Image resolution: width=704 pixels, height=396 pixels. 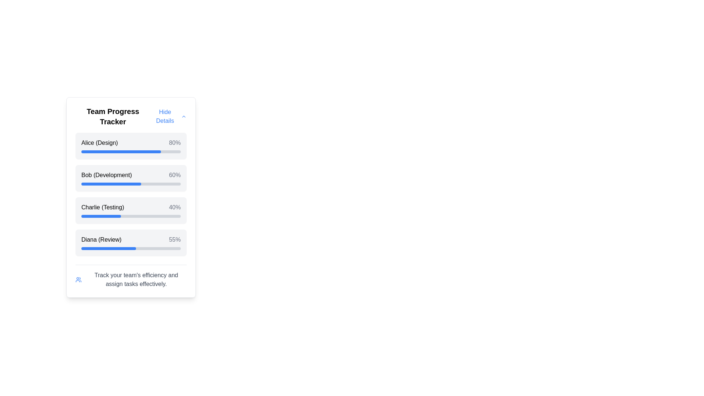 What do you see at coordinates (101, 216) in the screenshot?
I see `the progress bar indicating the task completion level for 'Charlie (Testing)', which is the third segment in the list of progress bars` at bounding box center [101, 216].